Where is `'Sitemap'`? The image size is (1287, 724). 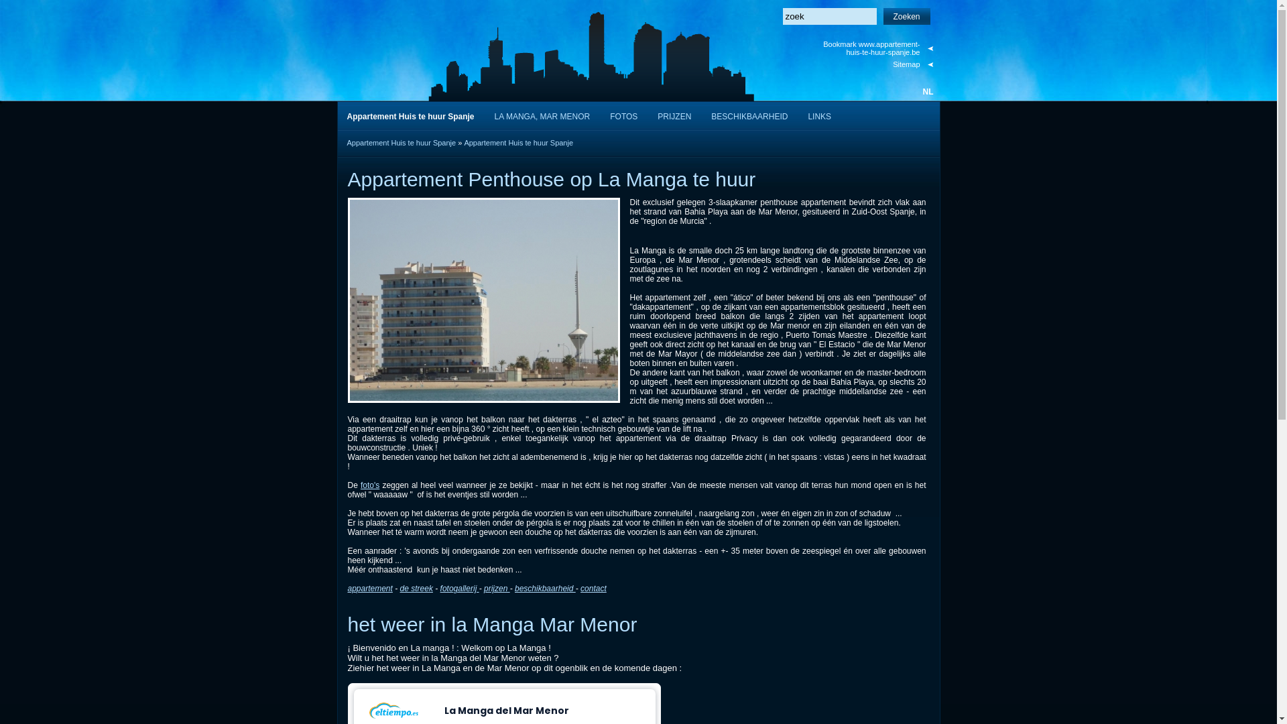 'Sitemap' is located at coordinates (877, 64).